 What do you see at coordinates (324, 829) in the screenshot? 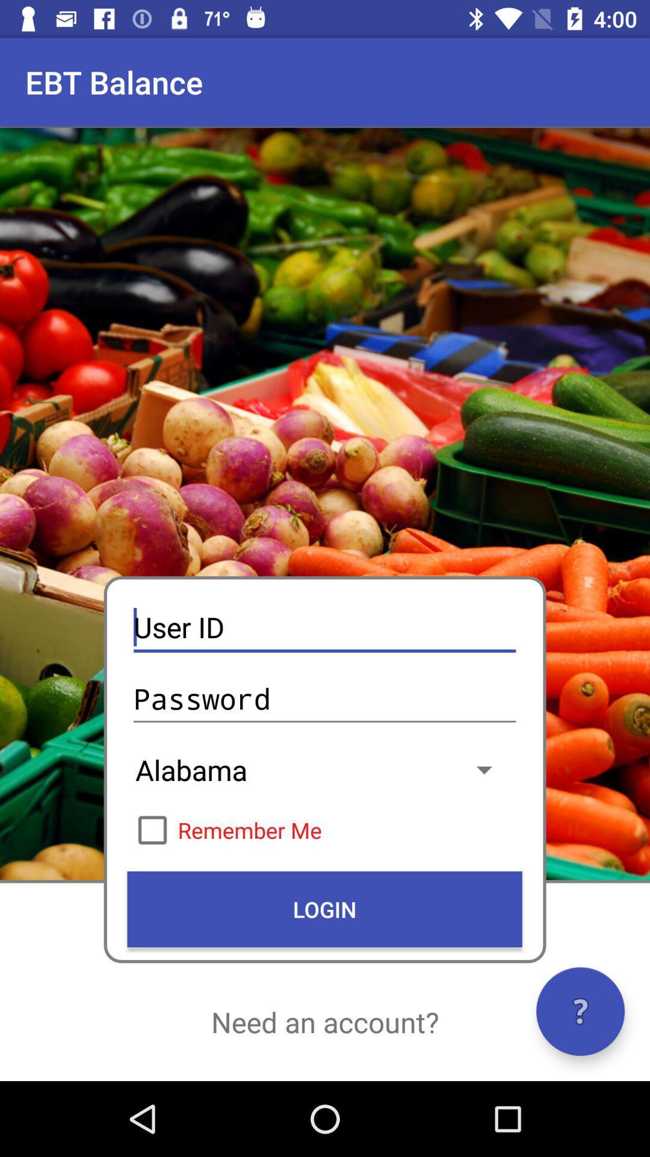
I see `the remember me` at bounding box center [324, 829].